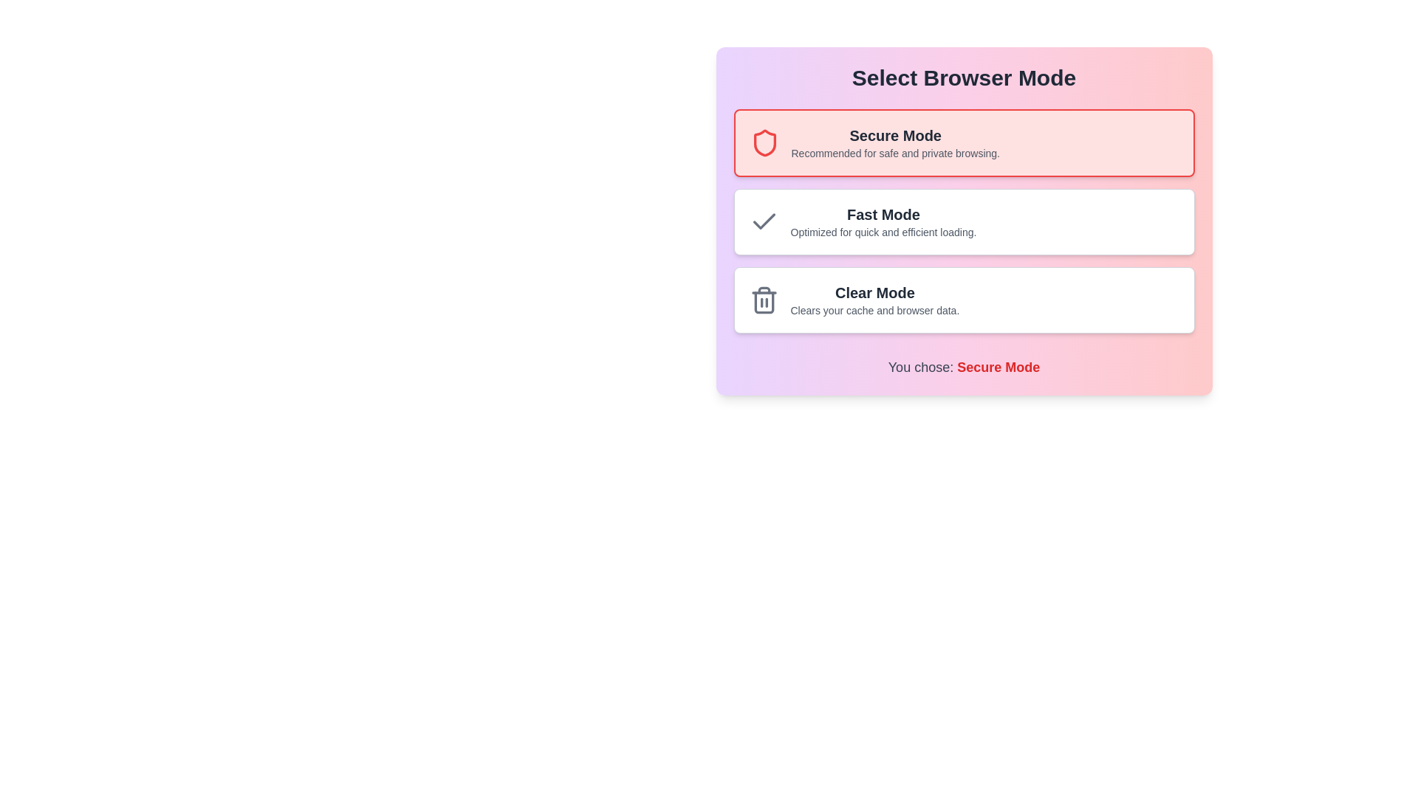 The image size is (1418, 797). Describe the element at coordinates (883, 221) in the screenshot. I see `the surrounding card area` at that location.